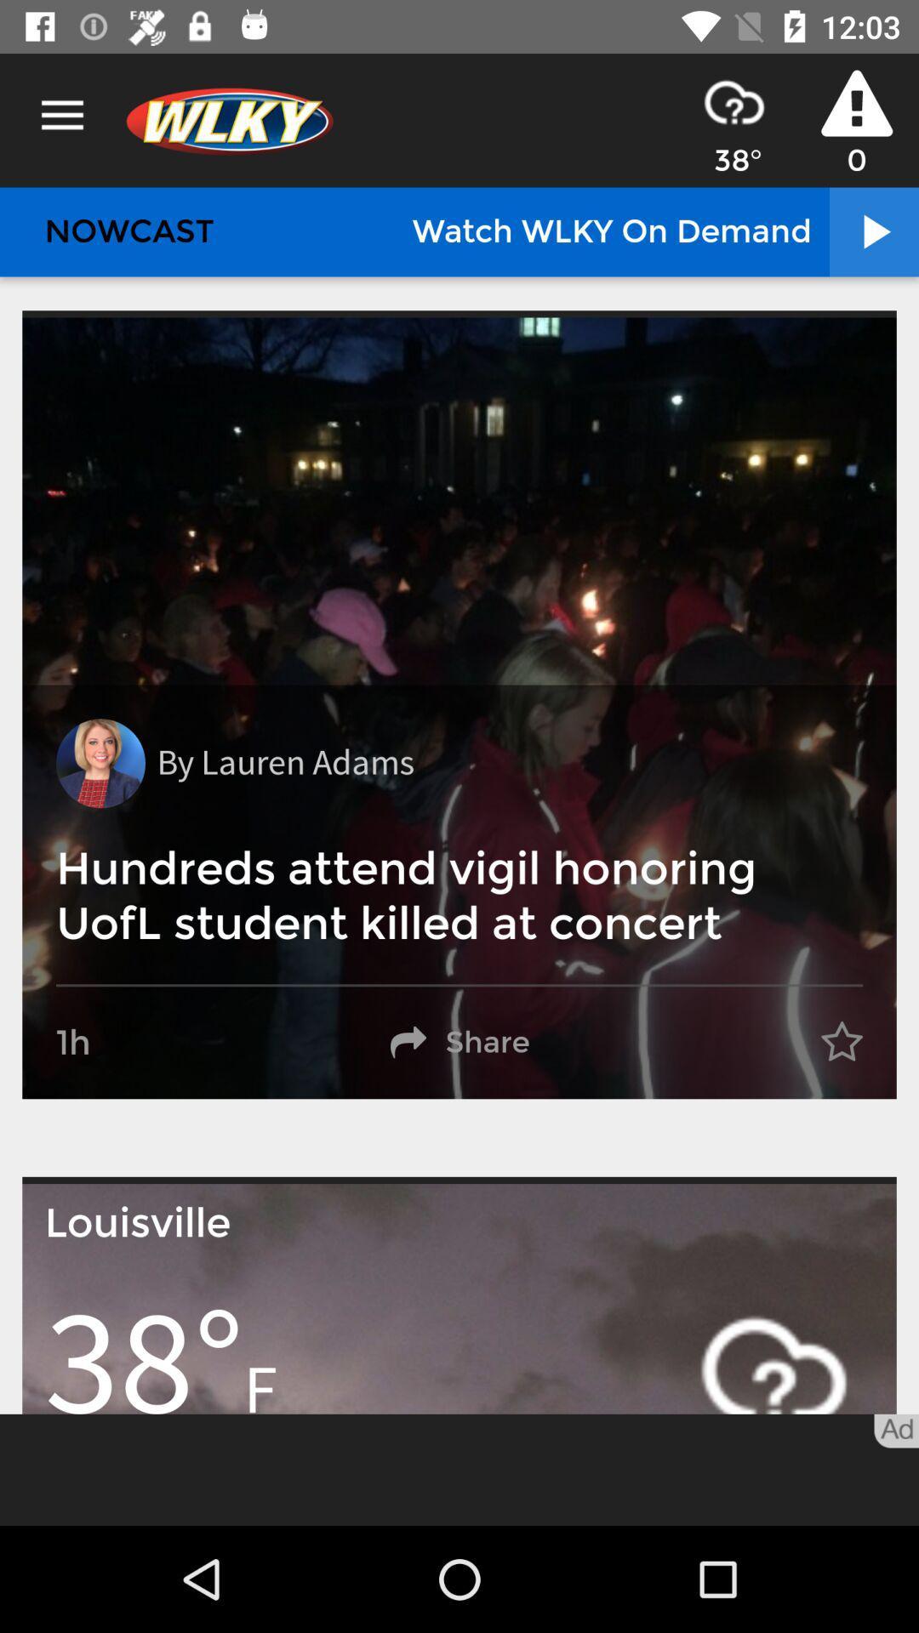  I want to click on item next to share icon, so click(841, 1042).